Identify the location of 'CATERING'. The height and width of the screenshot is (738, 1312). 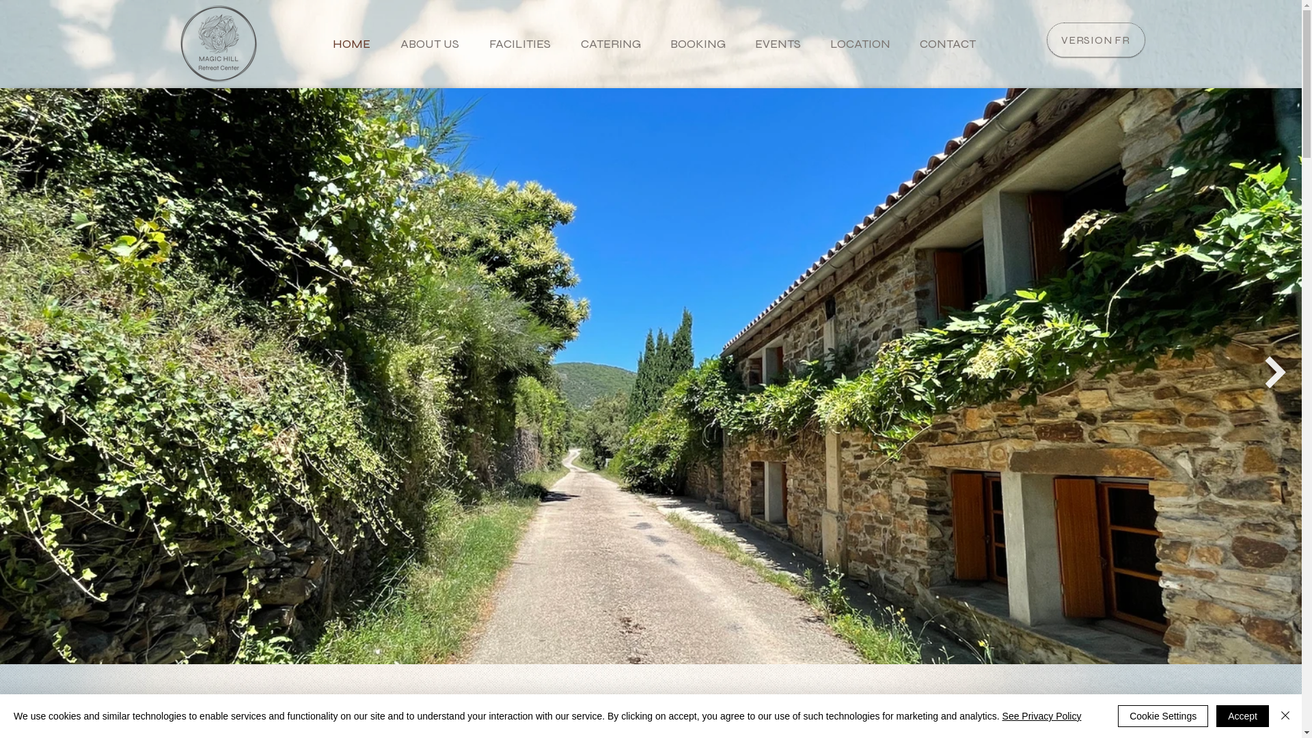
(605, 43).